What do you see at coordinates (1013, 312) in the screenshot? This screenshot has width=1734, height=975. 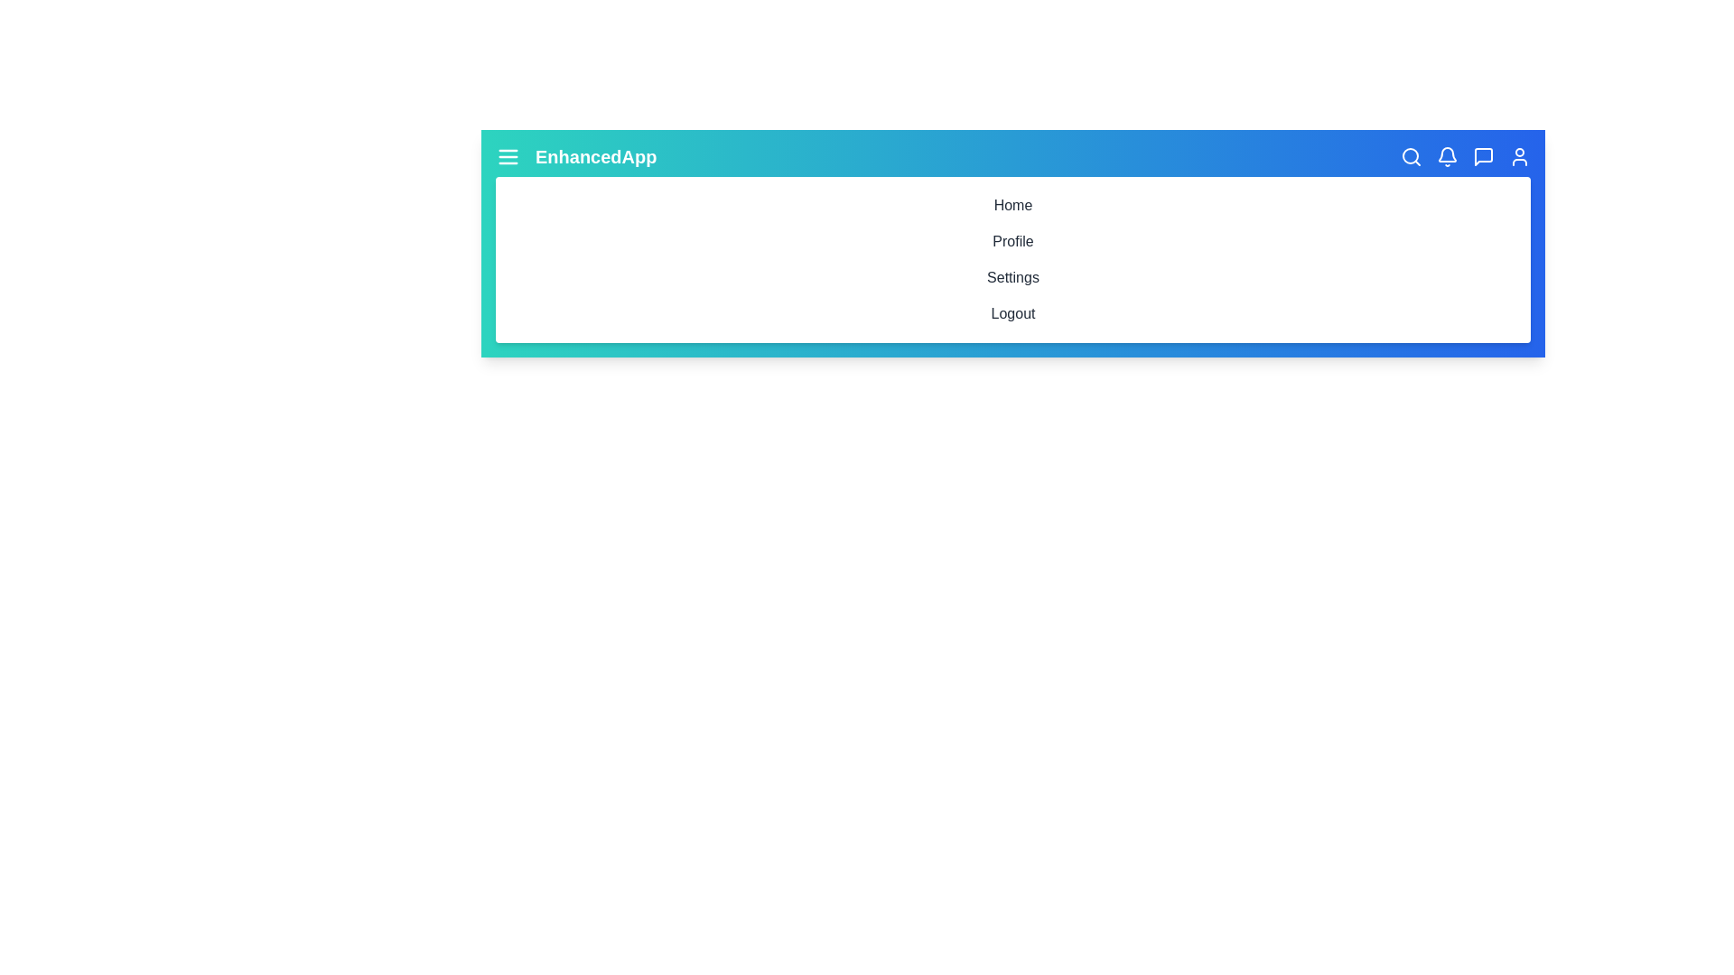 I see `the navigation item Logout in the menu` at bounding box center [1013, 312].